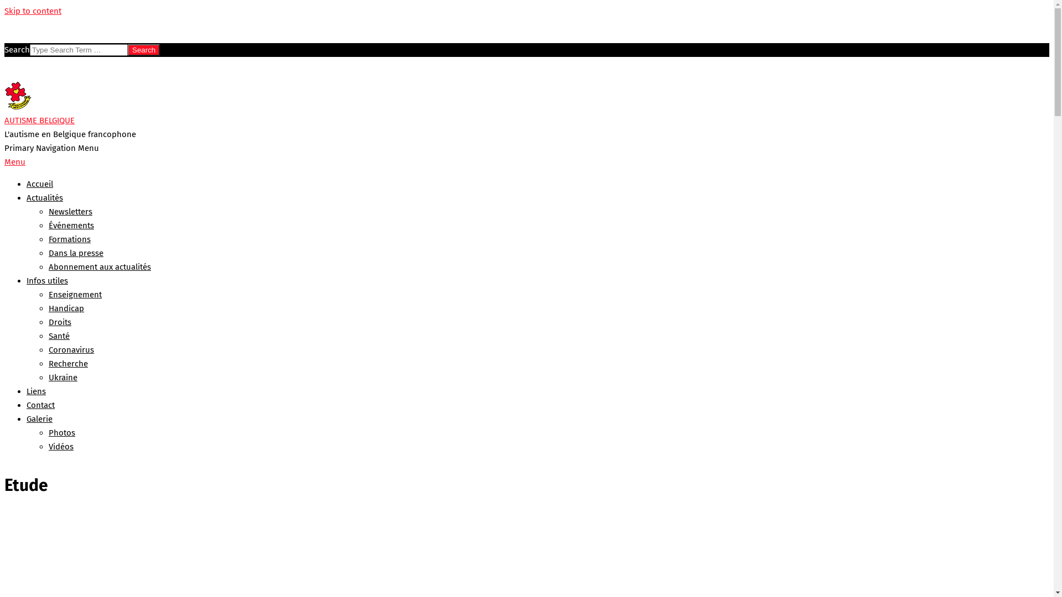 This screenshot has height=597, width=1062. What do you see at coordinates (33, 11) in the screenshot?
I see `'Skip to content'` at bounding box center [33, 11].